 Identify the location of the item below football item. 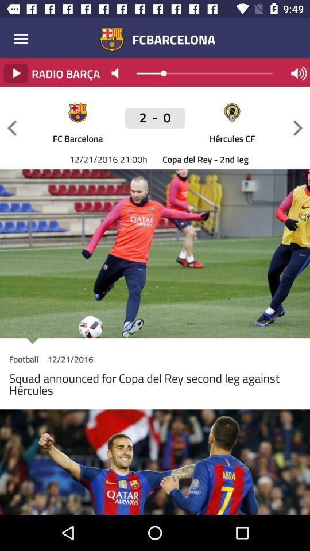
(155, 387).